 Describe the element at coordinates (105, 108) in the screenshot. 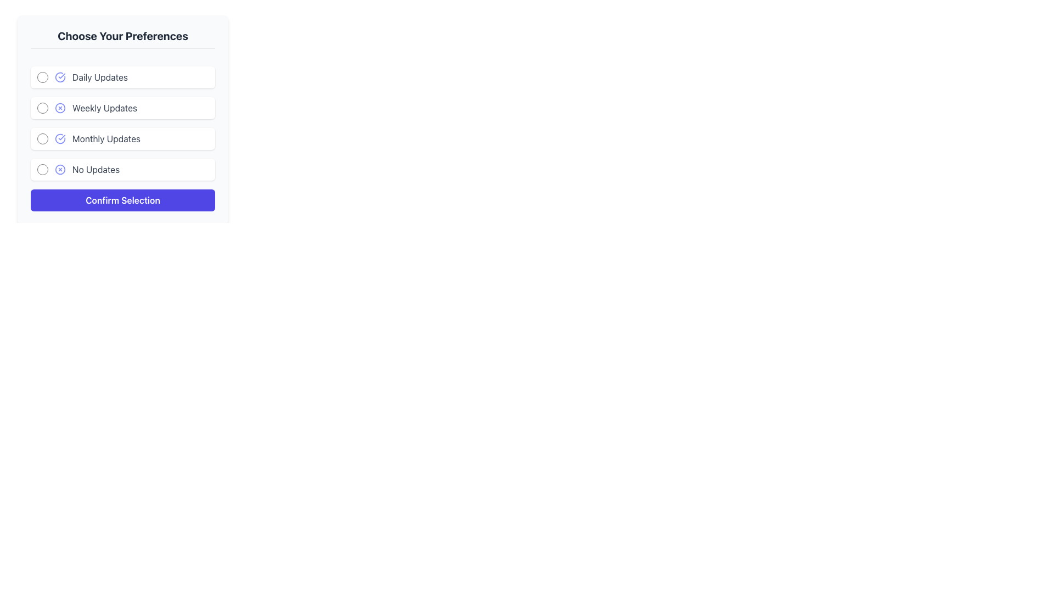

I see `text label displaying 'Weekly Updates', which is styled in medium dark gray font and is the second option in the radio button group for update preferences` at that location.